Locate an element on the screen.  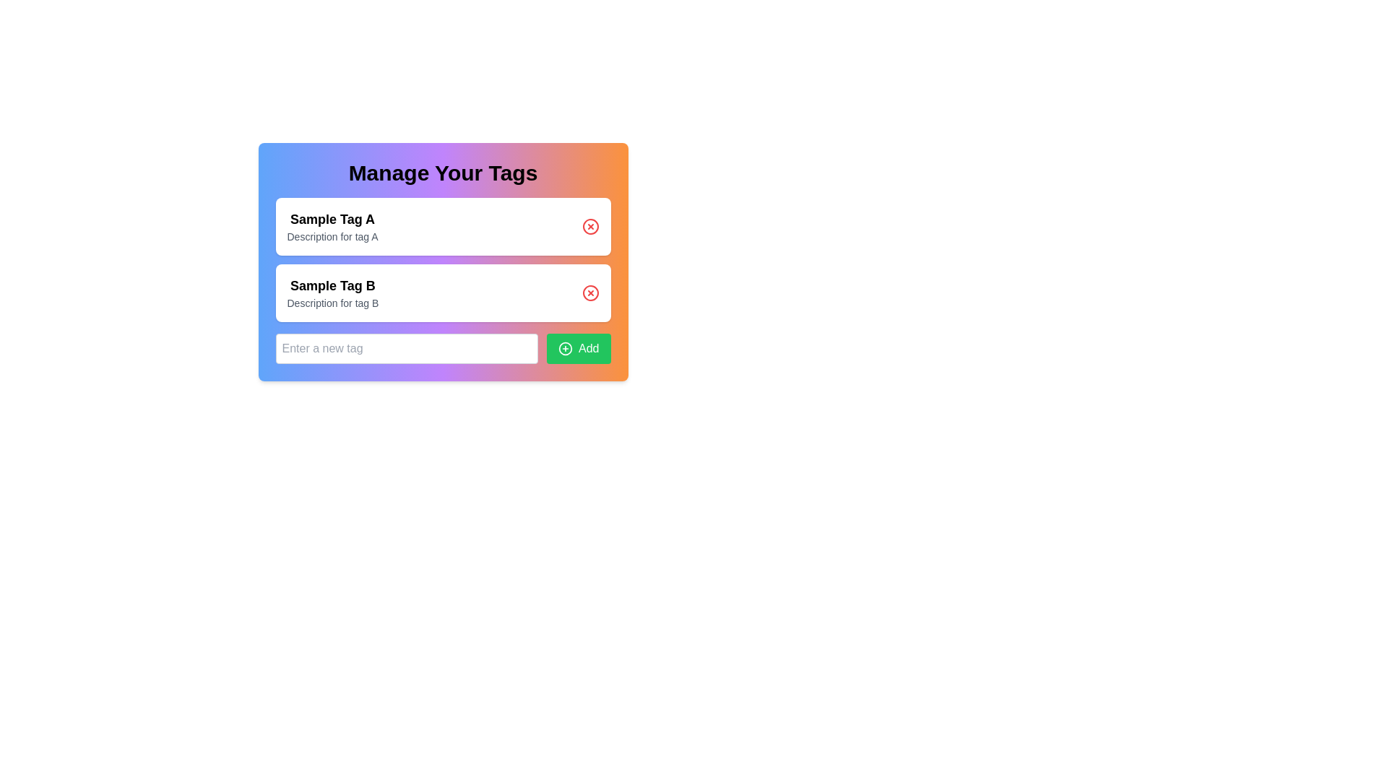
the circular icon with a plus sign located inside the green 'Add' button at the bottom-right of the 'Manage Your Tags' card is located at coordinates (564, 348).